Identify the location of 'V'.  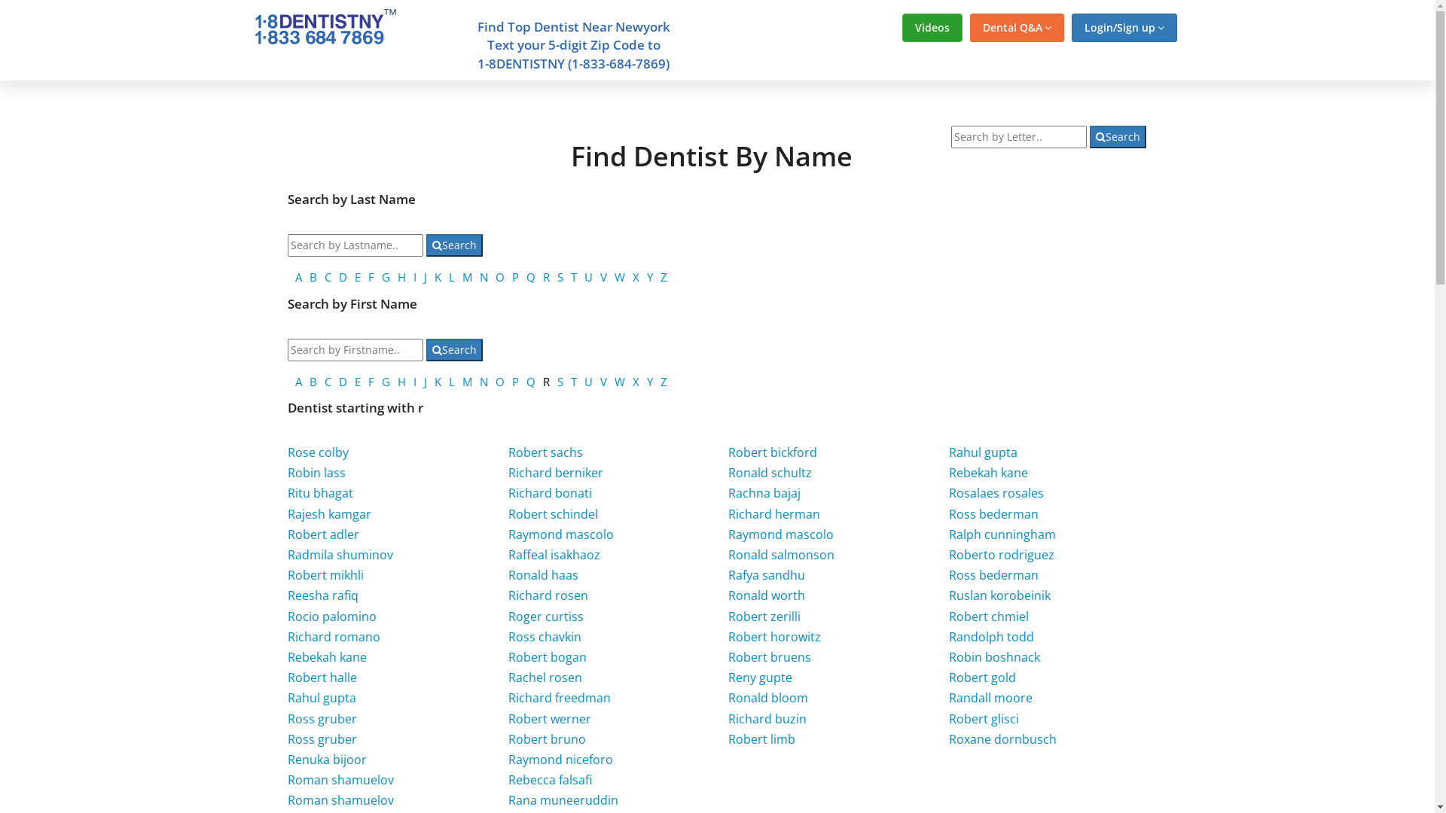
(603, 276).